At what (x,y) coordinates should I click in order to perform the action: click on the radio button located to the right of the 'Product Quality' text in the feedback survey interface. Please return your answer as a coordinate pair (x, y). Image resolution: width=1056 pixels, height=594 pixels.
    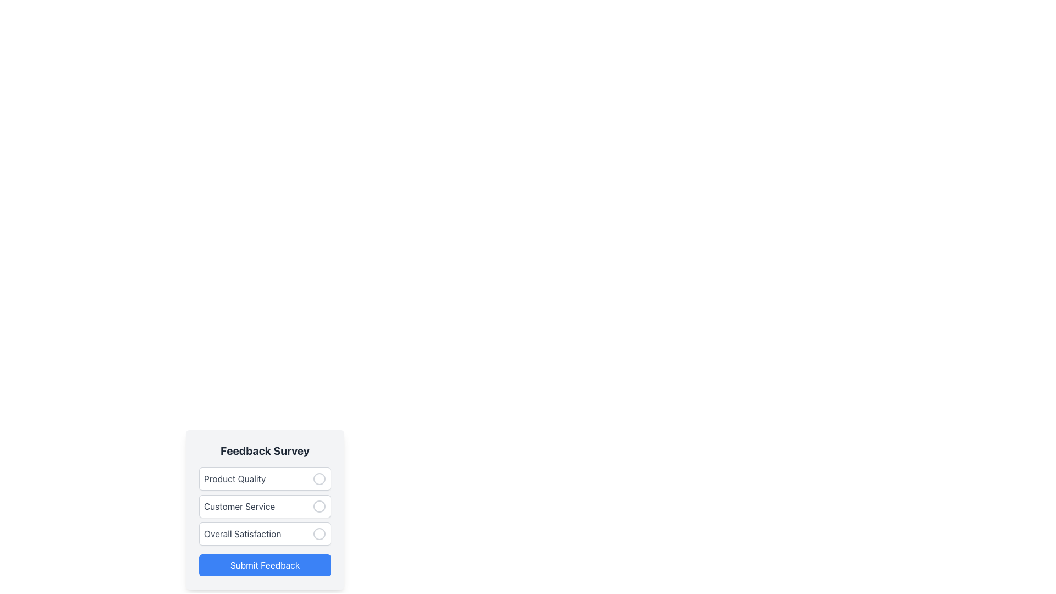
    Looking at the image, I should click on (318, 479).